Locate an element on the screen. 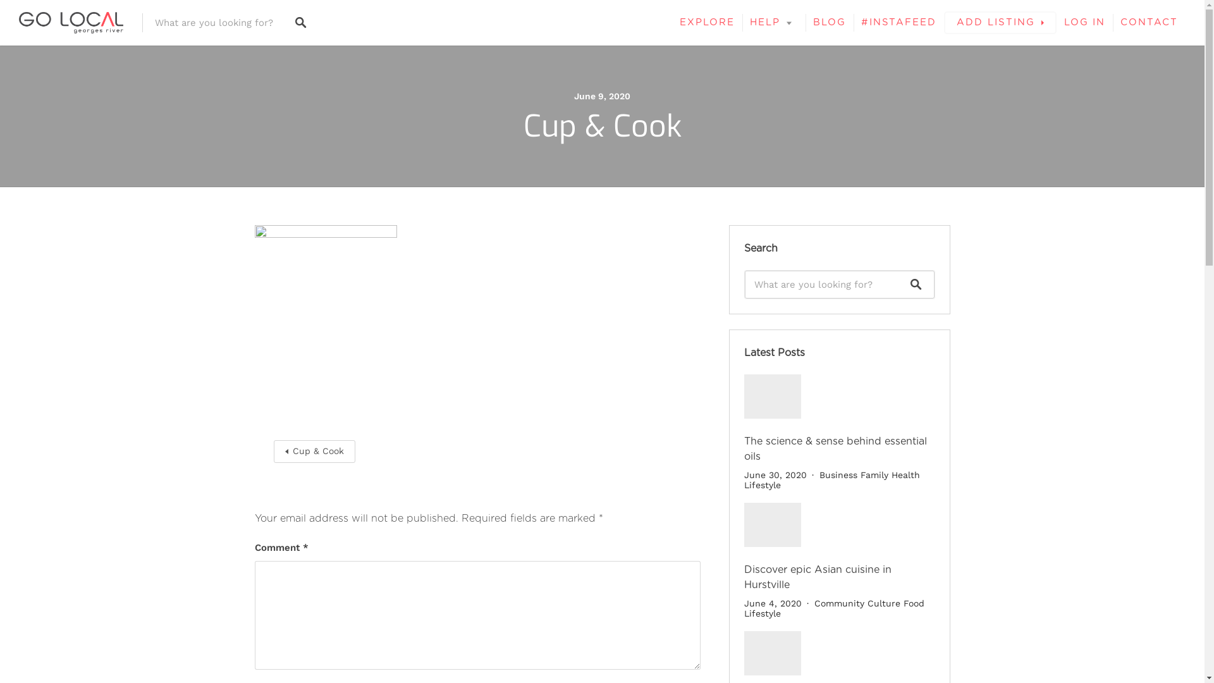  'June 30, 2020' is located at coordinates (774, 475).